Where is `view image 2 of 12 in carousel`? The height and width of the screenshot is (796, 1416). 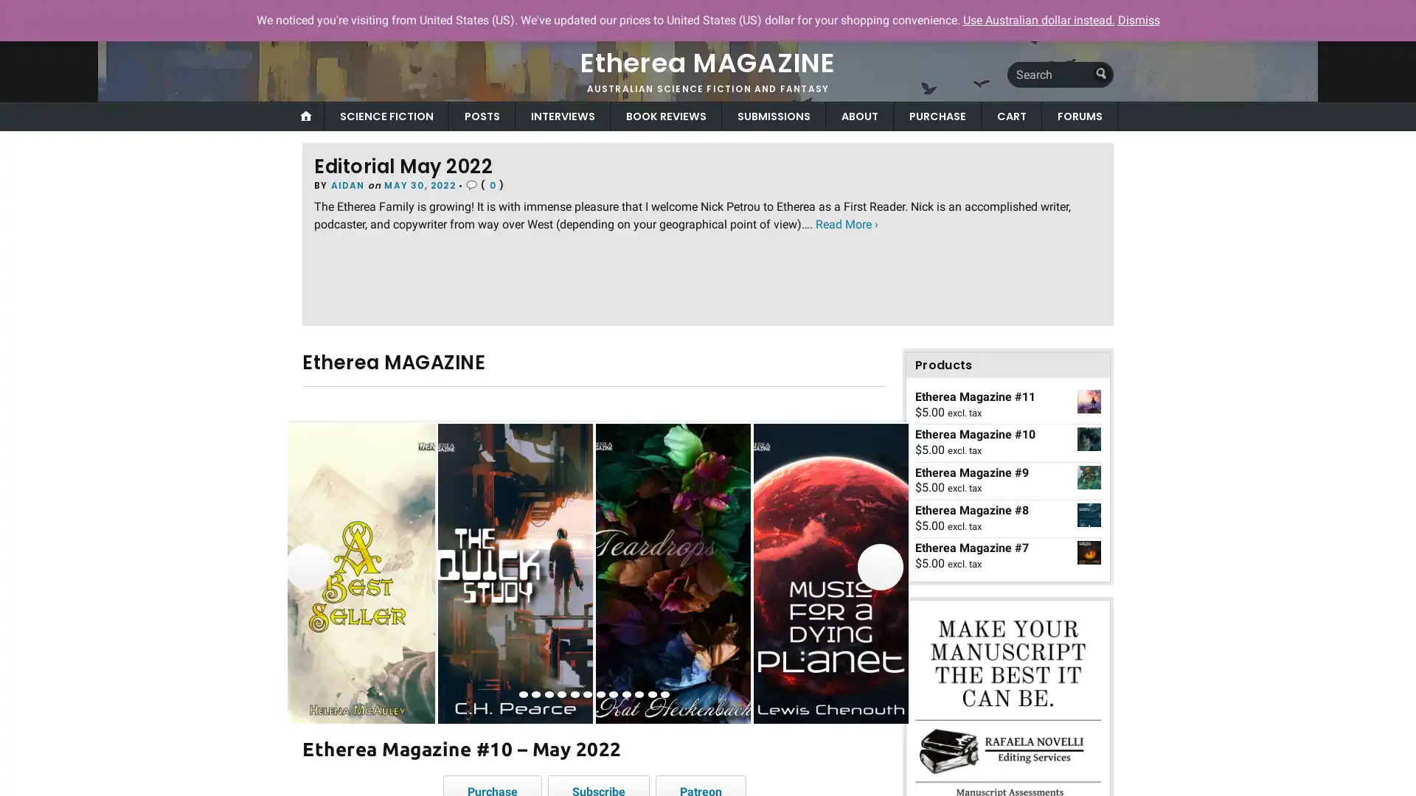 view image 2 of 12 in carousel is located at coordinates (535, 694).